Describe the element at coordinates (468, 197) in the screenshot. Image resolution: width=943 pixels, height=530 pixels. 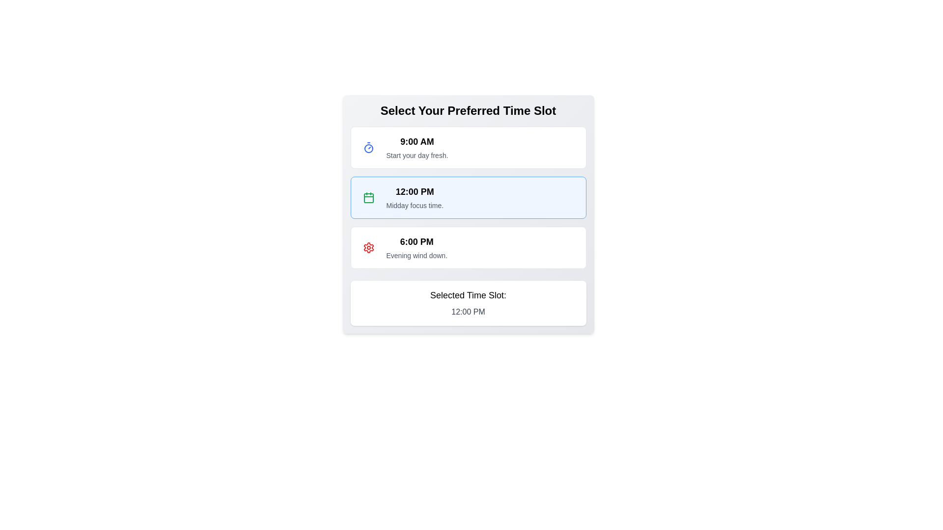
I see `the selectable list item displaying '12:00 PM' and 'Midday focus time'` at that location.